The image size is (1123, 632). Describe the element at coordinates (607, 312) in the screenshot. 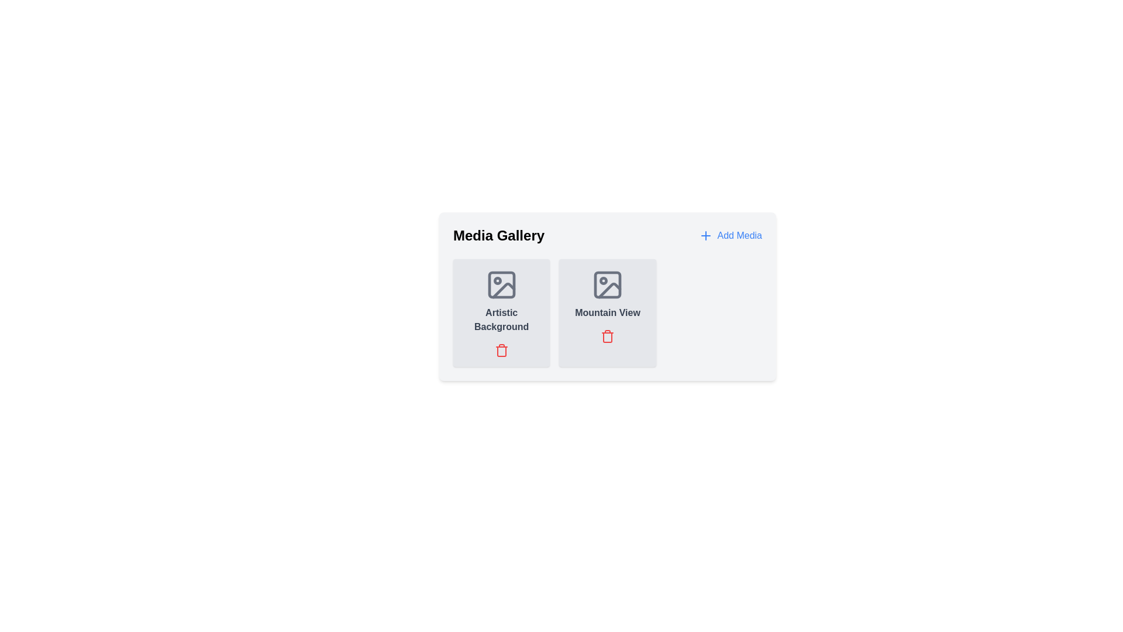

I see `the second card in the media gallery` at that location.